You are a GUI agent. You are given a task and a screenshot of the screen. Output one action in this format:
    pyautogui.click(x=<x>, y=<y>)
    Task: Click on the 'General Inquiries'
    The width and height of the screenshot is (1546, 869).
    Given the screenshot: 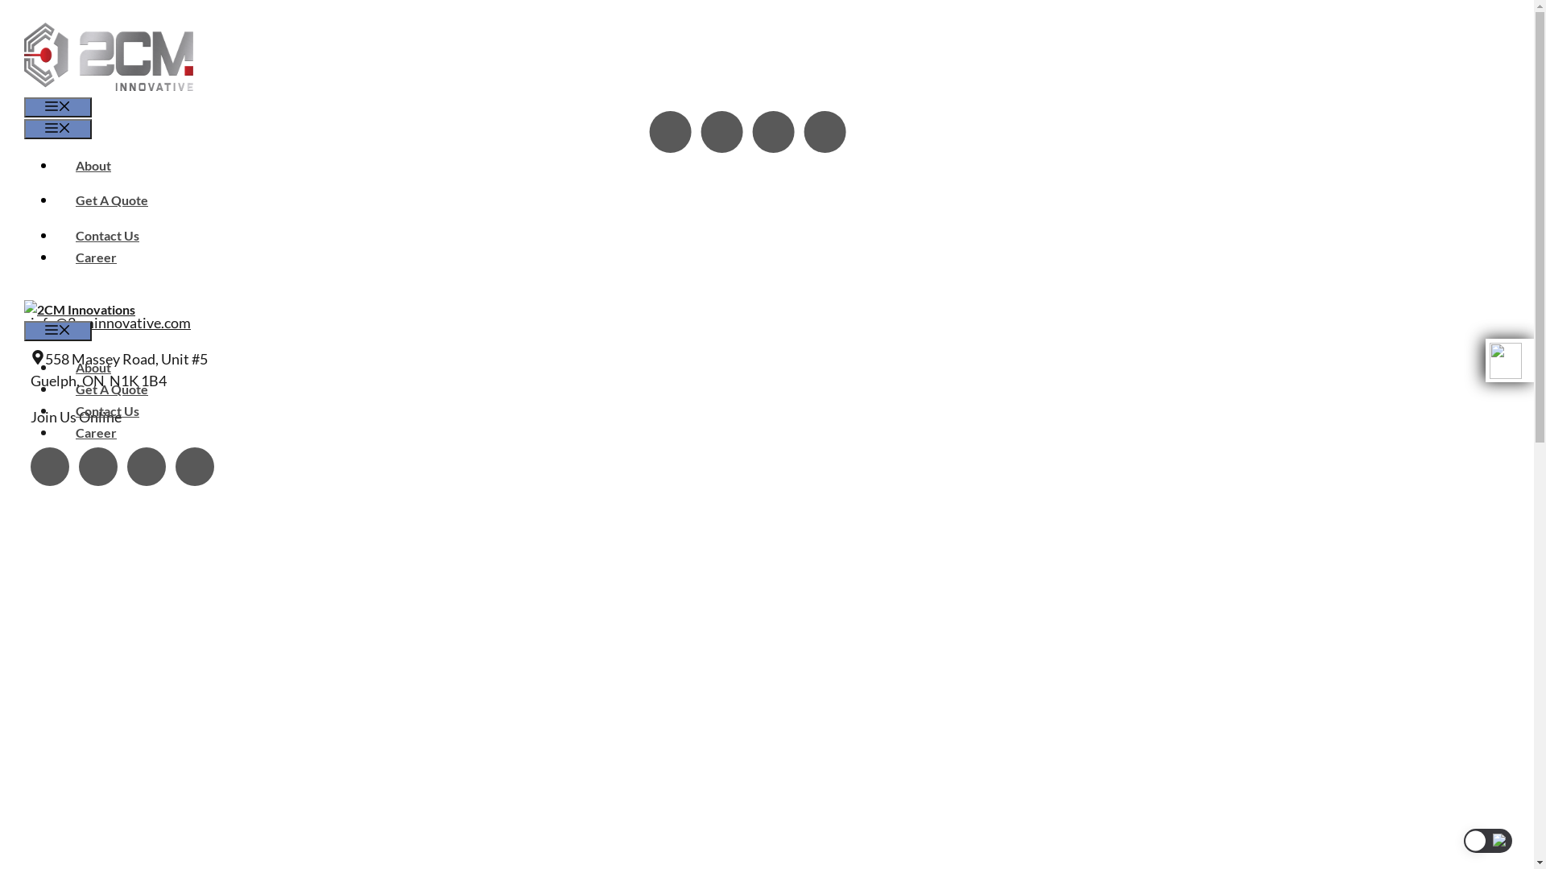 What is the action you would take?
    pyautogui.click(x=98, y=285)
    